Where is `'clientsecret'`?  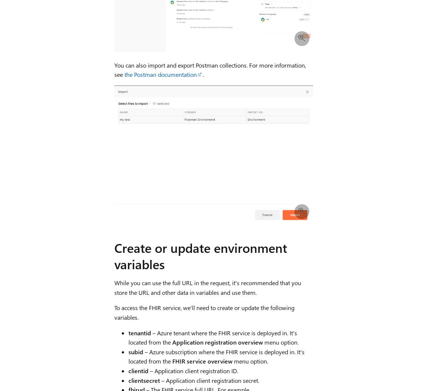
'clientsecret' is located at coordinates (143, 379).